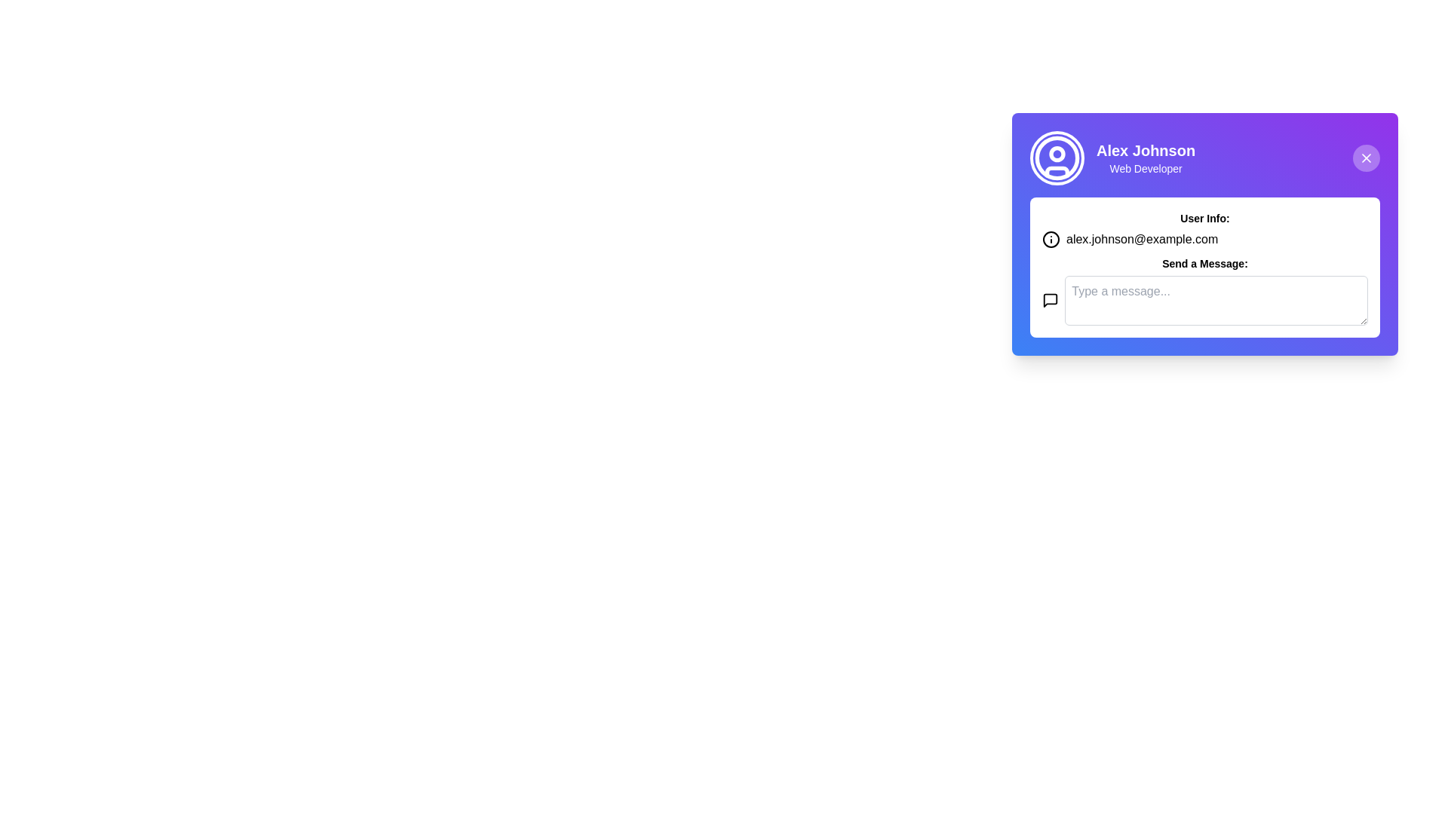  What do you see at coordinates (1050, 238) in the screenshot?
I see `the email icon or visual glyph associated with the user's email address 'alex.johnson@example.com' in the user information section of the profile card layout` at bounding box center [1050, 238].